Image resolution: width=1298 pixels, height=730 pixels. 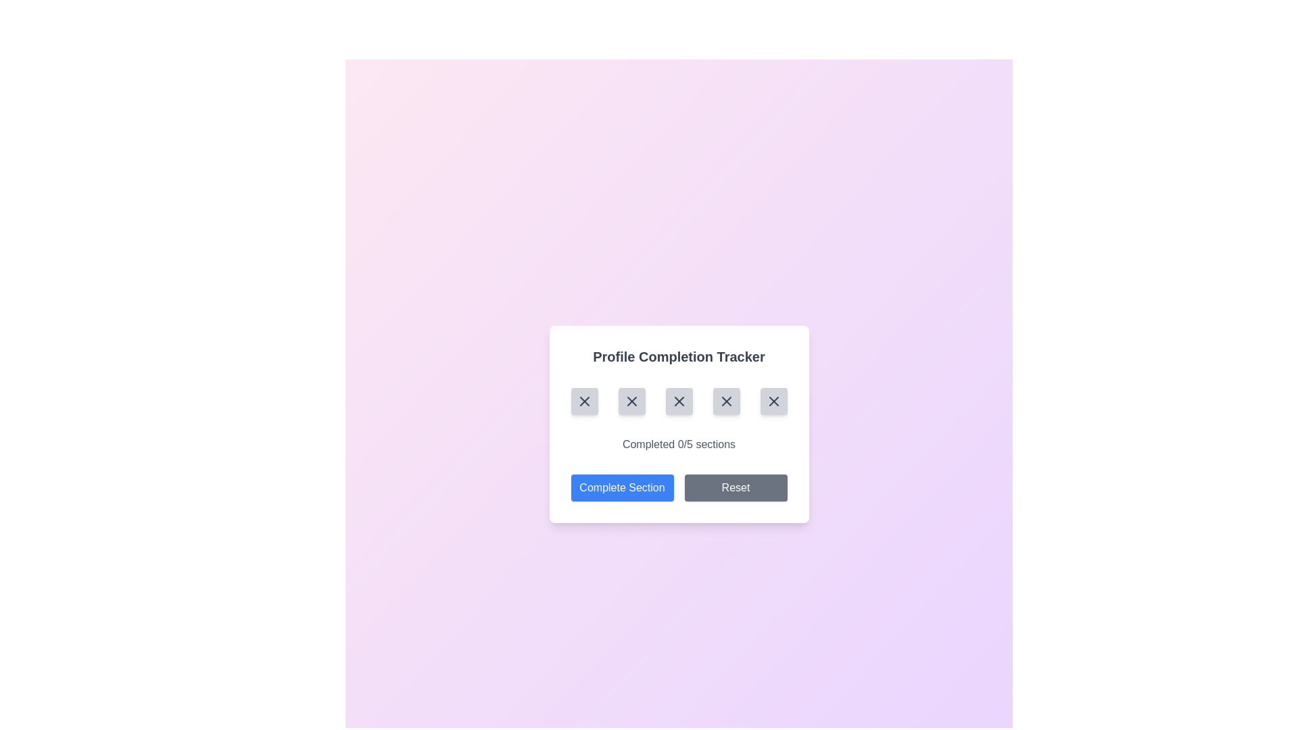 I want to click on the third button from the left in the horizontal row of five buttons, which serves as a status indicator for the profile completion tracker, to interact with it, so click(x=679, y=401).